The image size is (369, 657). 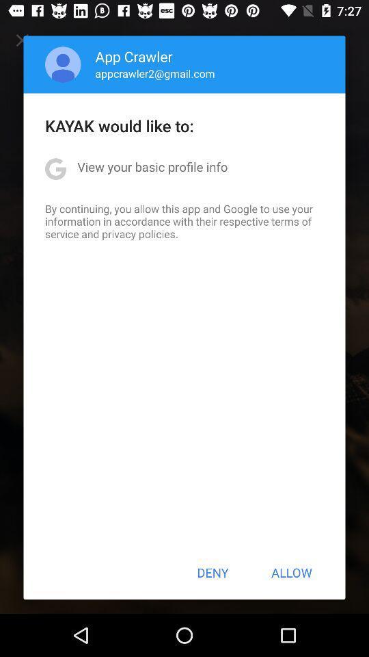 I want to click on the icon above kayak would like icon, so click(x=154, y=73).